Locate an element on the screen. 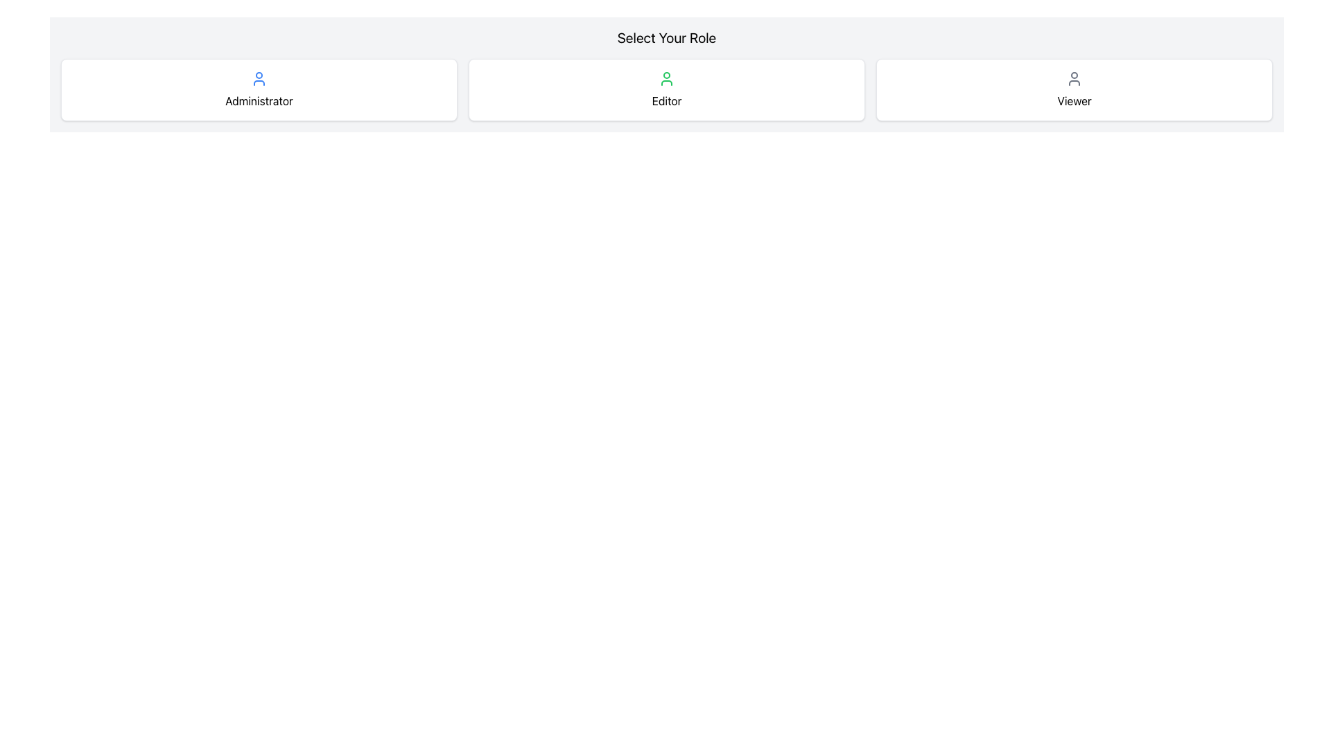 This screenshot has width=1331, height=748. the selectable card representing the 'Administrator' role located at the first position in a grid layout is located at coordinates (259, 90).